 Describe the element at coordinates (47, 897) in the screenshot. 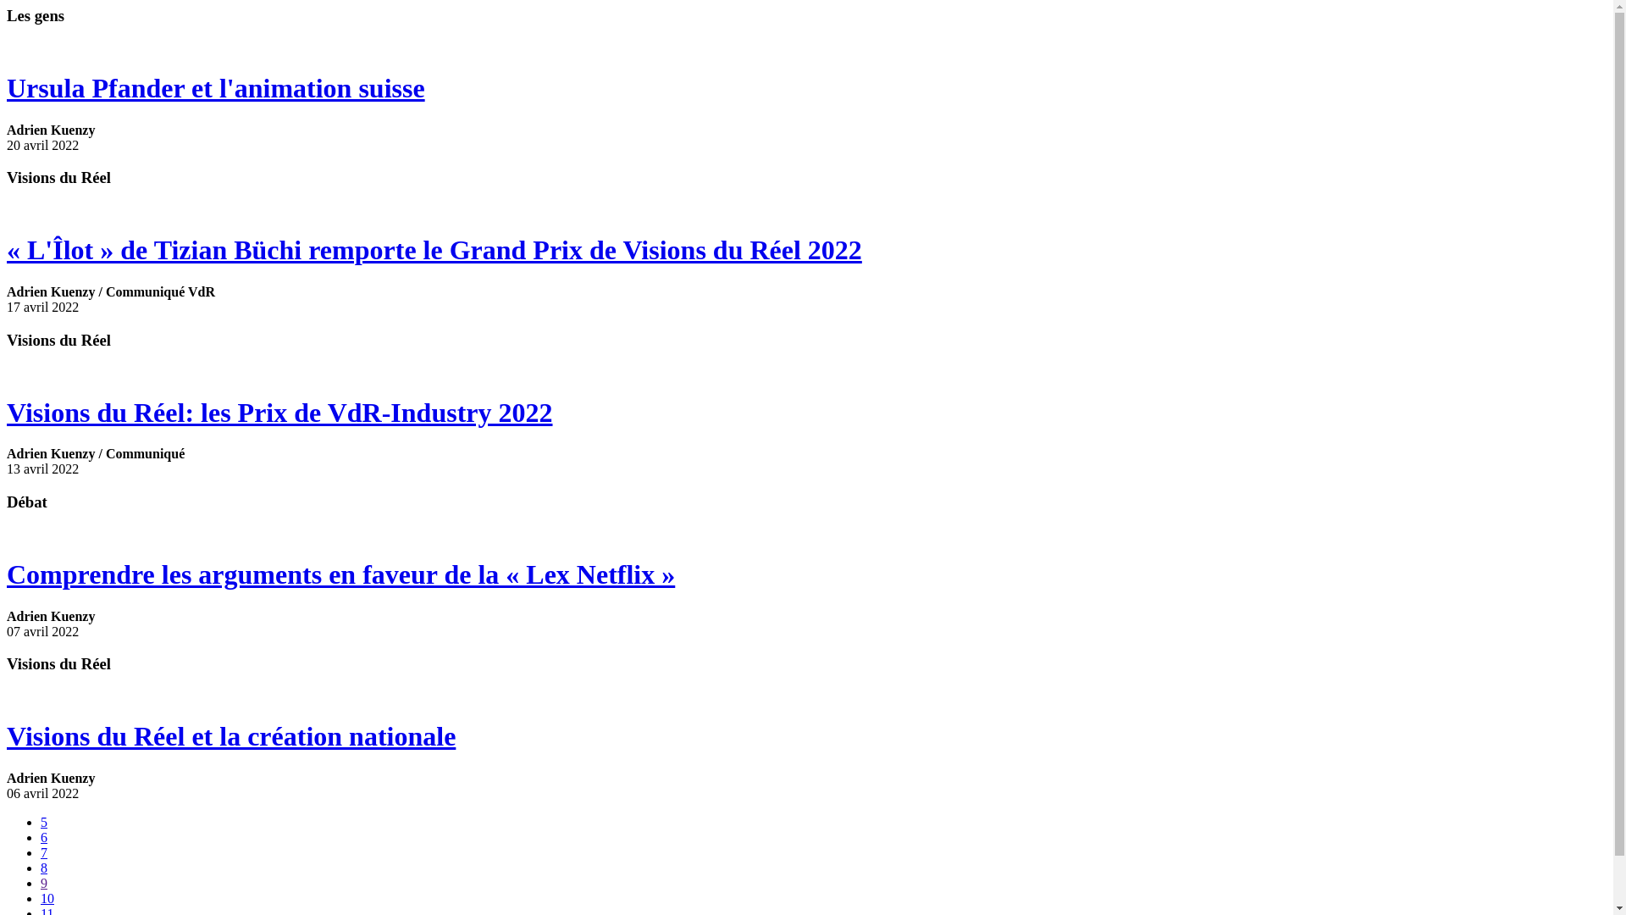

I see `'10'` at that location.